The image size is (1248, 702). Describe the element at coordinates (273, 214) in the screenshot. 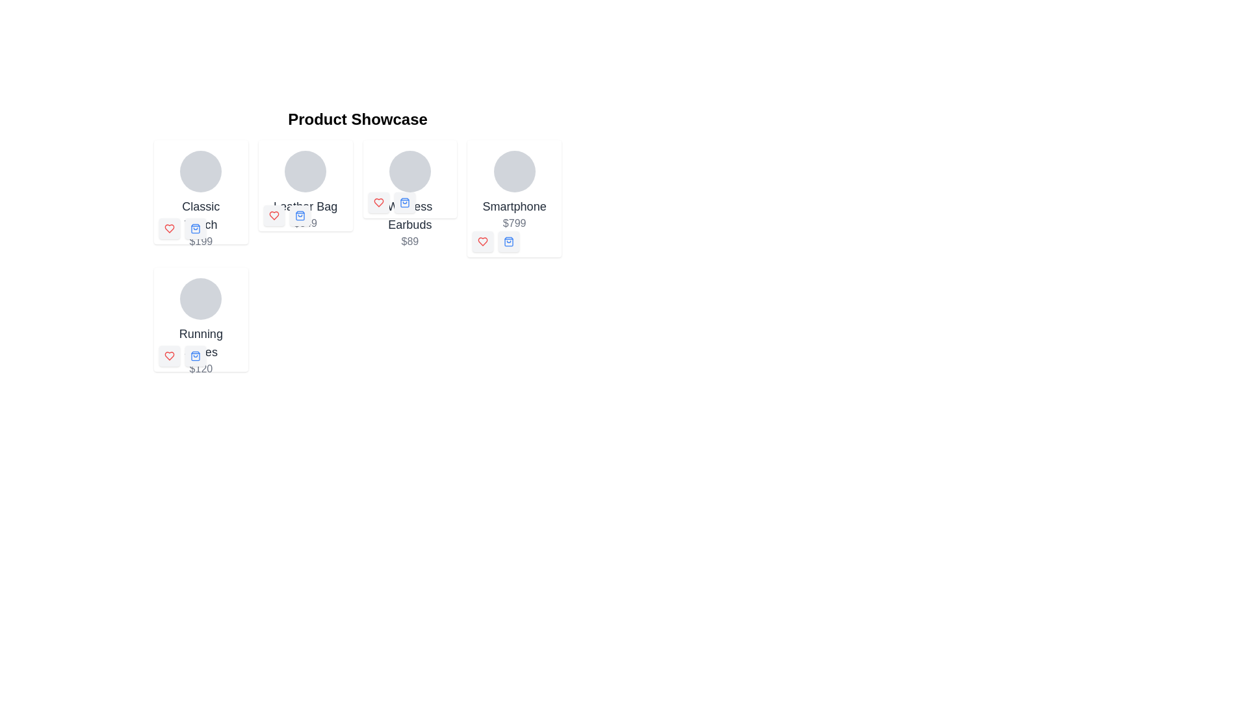

I see `the red outlined heart icon located at the bottom-left portion of the 'Leather Bag' product card` at that location.